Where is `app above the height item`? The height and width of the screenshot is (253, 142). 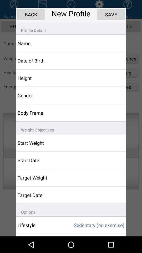 app above the height item is located at coordinates (41, 61).